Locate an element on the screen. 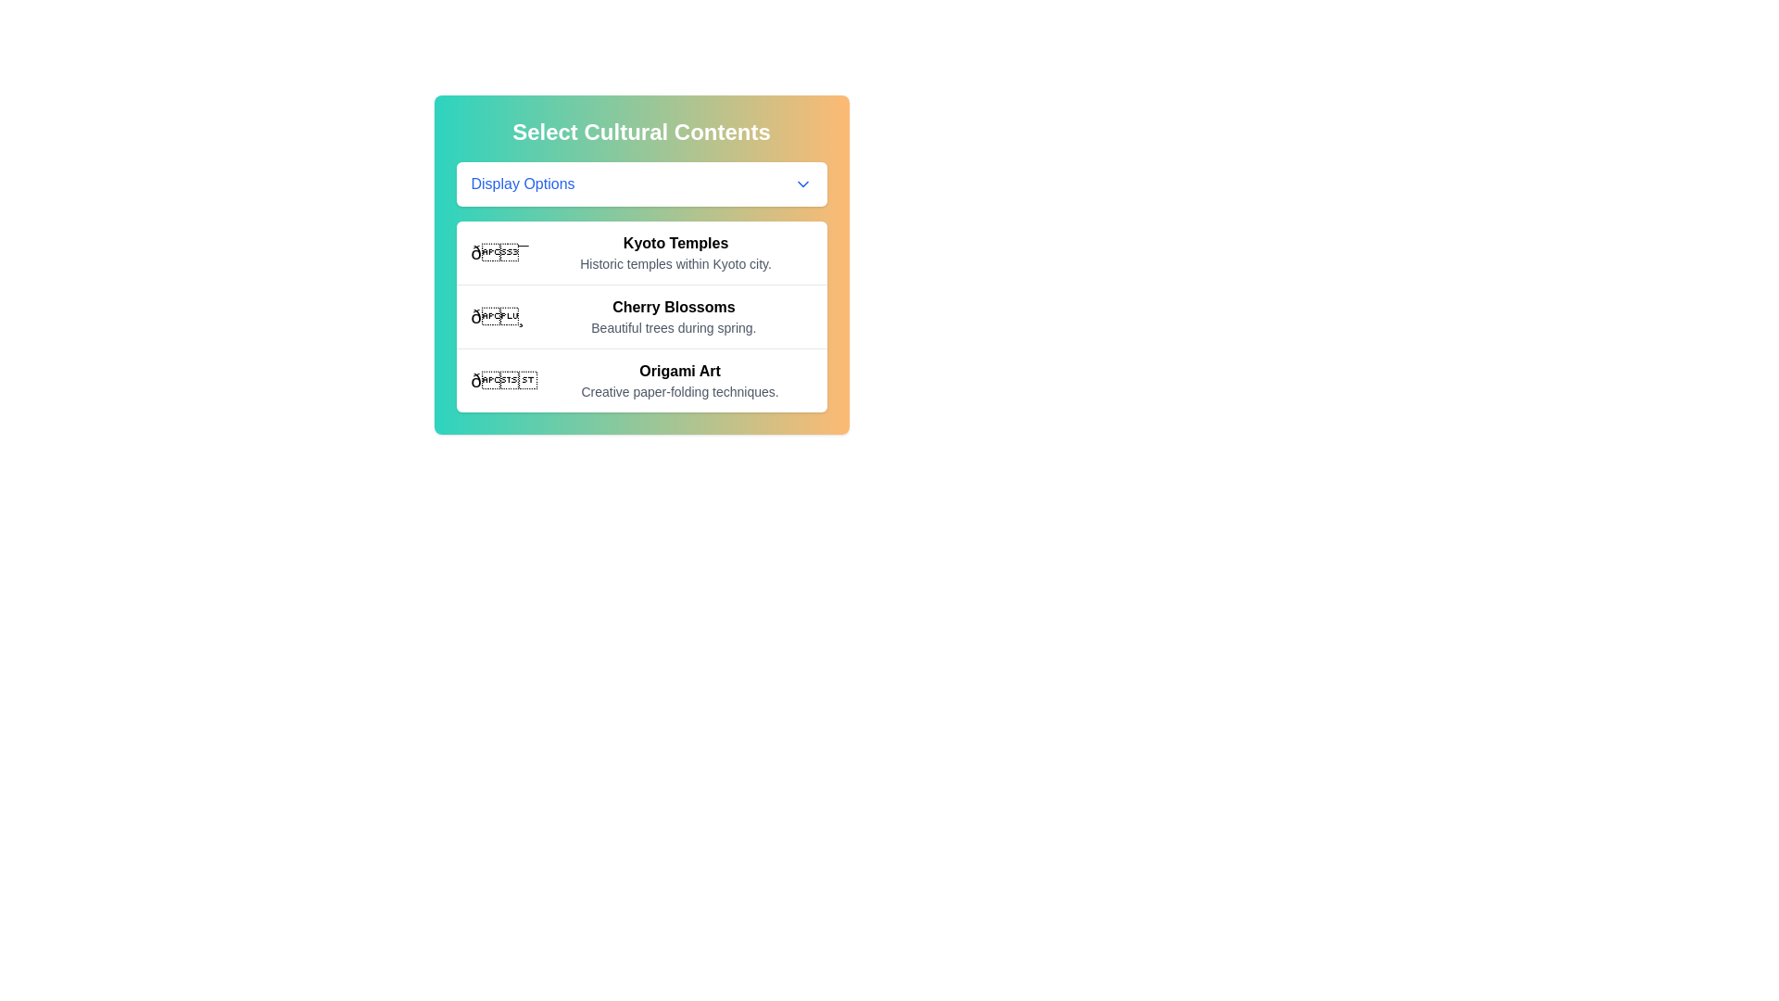 This screenshot has width=1779, height=1001. the List Item displaying 'Cherry Blossoms', which includes an emoji and a brief description about beautiful trees during spring is located at coordinates (641, 316).